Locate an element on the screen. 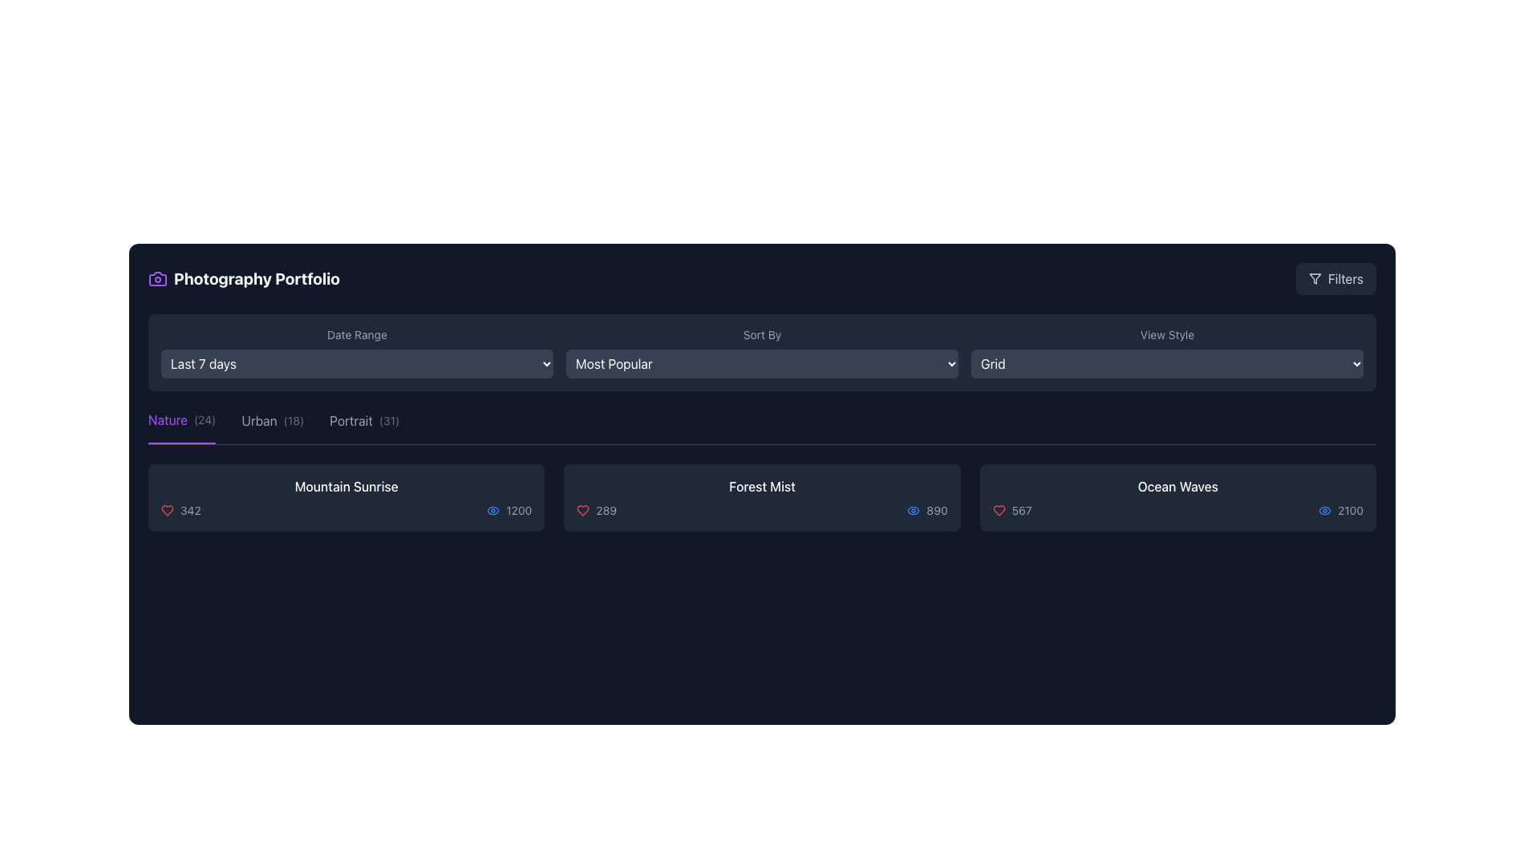 The width and height of the screenshot is (1540, 866). the 'Urban' category filter button is located at coordinates (273, 426).